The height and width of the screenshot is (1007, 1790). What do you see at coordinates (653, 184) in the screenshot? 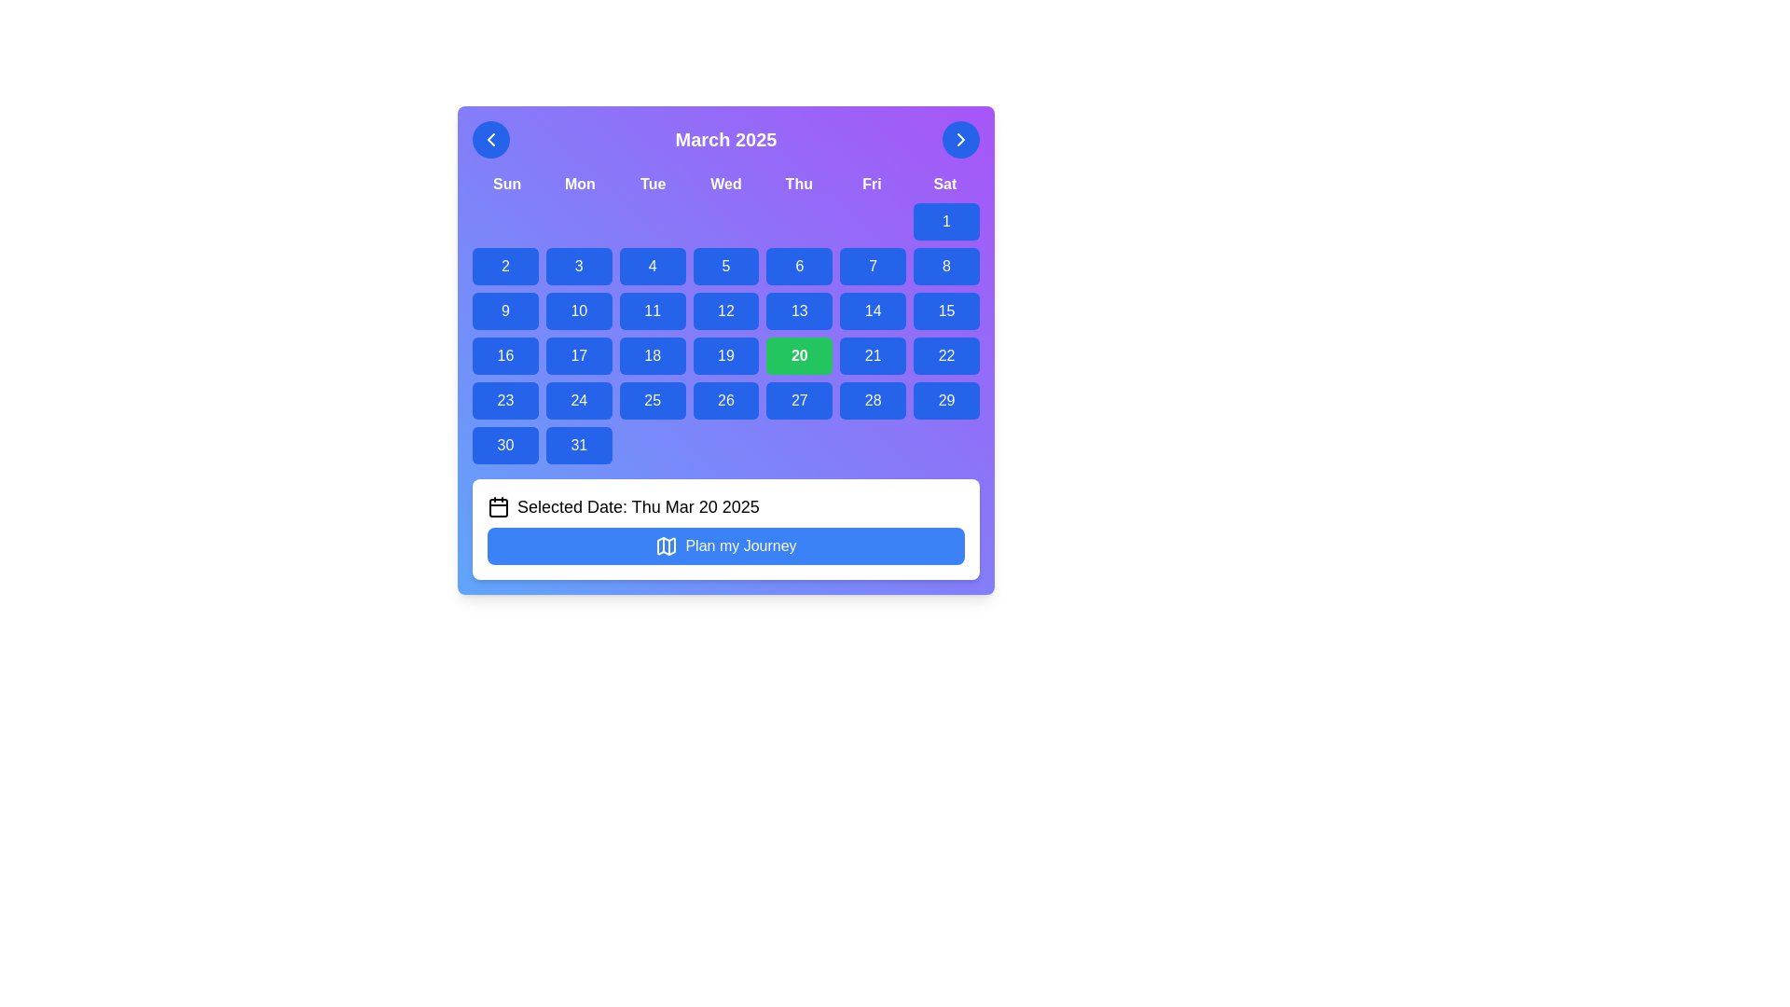
I see `the static text label representing Tuesday in the calendar display, which is positioned third among the days of the week labels` at bounding box center [653, 184].